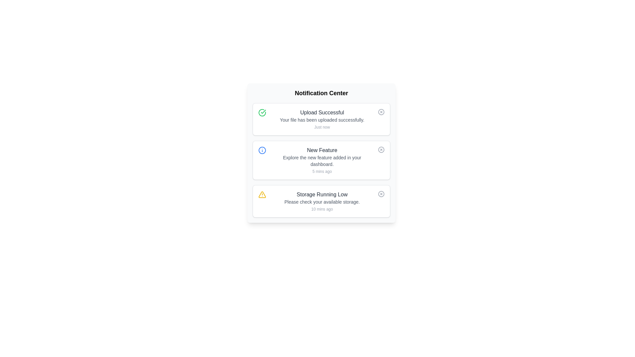 The image size is (635, 357). What do you see at coordinates (322, 201) in the screenshot?
I see `text label that says 'Please check your available storage.' positioned below the title 'Storage Running Low' in the notification card` at bounding box center [322, 201].